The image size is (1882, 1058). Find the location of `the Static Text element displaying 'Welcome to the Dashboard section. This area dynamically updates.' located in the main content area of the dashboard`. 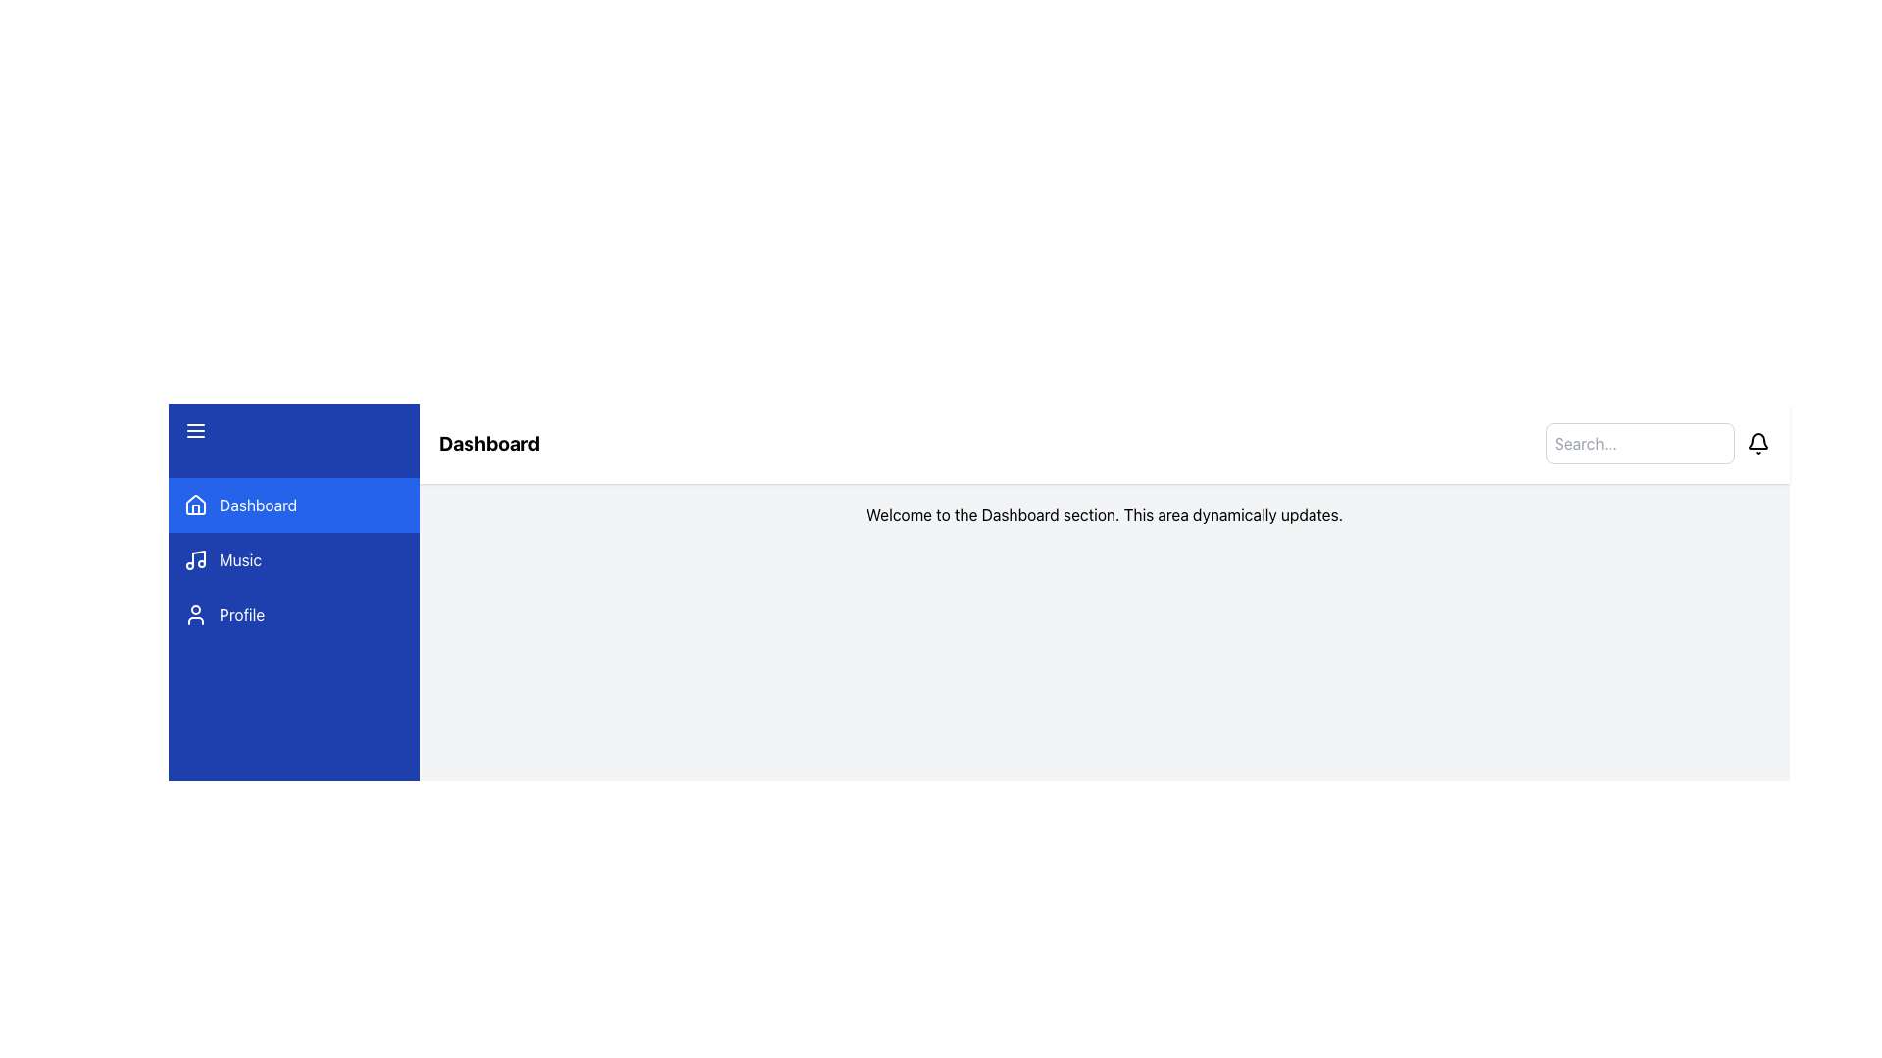

the Static Text element displaying 'Welcome to the Dashboard section. This area dynamically updates.' located in the main content area of the dashboard is located at coordinates (1105, 513).